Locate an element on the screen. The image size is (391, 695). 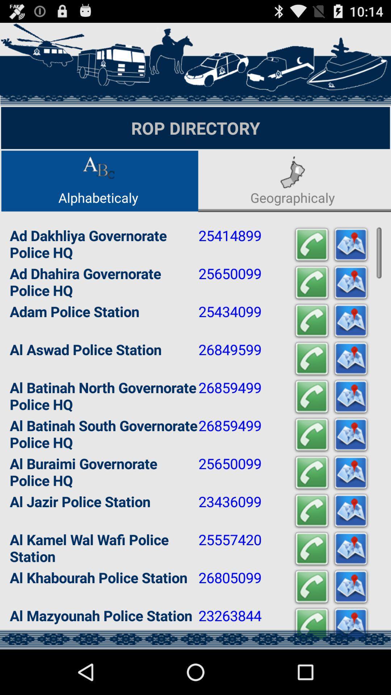
icon to the right of 26859499 app is located at coordinates (311, 434).